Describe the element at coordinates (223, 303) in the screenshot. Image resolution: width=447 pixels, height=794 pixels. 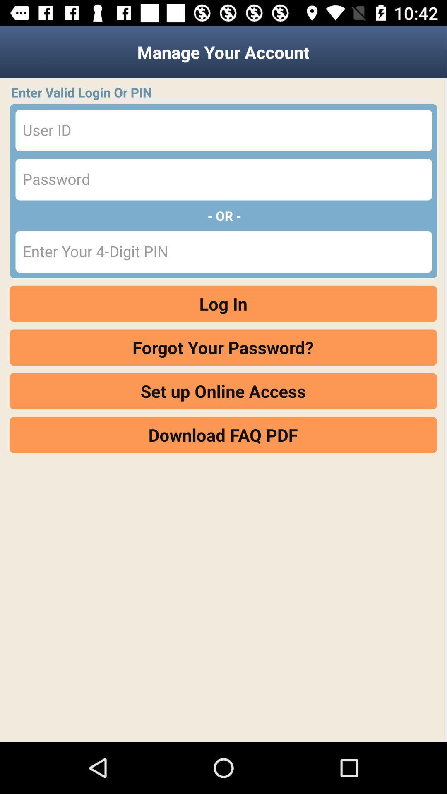
I see `log in item` at that location.